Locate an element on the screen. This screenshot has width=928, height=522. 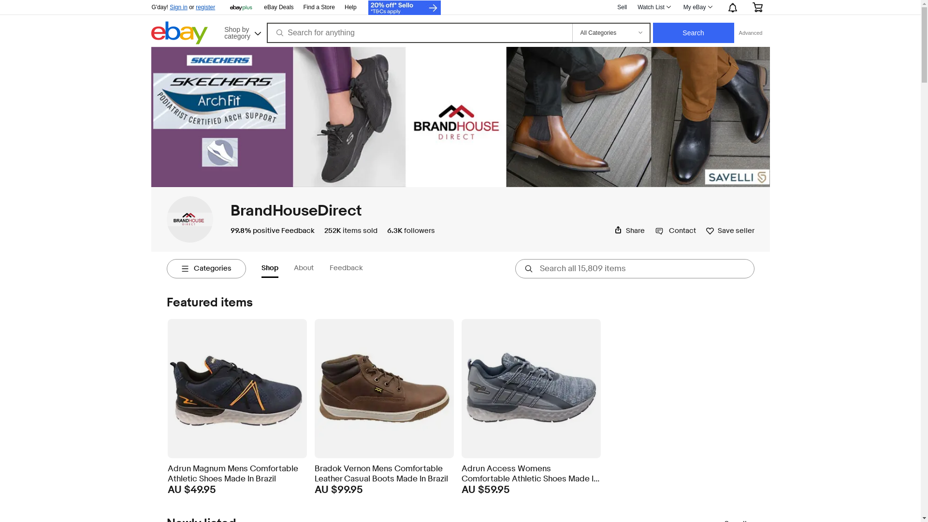
'register' is located at coordinates (205, 7).